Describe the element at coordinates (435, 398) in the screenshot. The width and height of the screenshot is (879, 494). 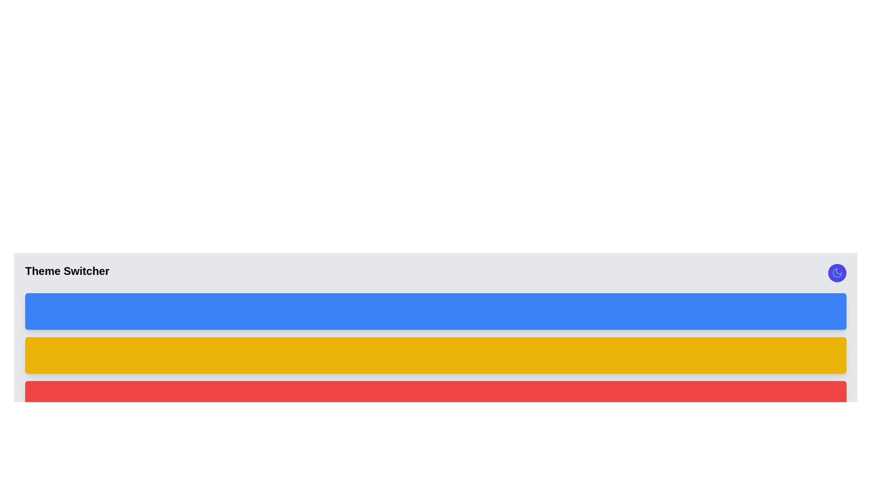
I see `the wide horizontal rectangular decorative element with a red background and rounded corners, located at the bottom of a vertical stack of three elements` at that location.